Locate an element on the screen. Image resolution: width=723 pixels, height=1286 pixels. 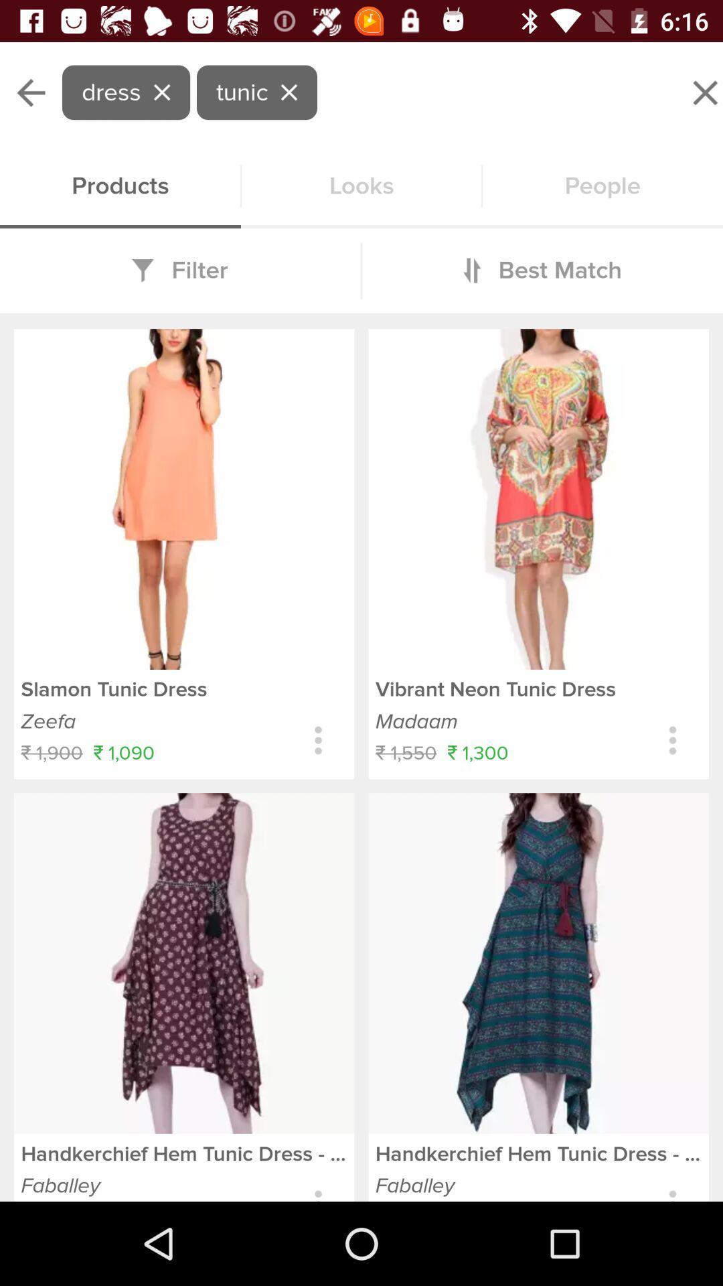
more options is located at coordinates (318, 739).